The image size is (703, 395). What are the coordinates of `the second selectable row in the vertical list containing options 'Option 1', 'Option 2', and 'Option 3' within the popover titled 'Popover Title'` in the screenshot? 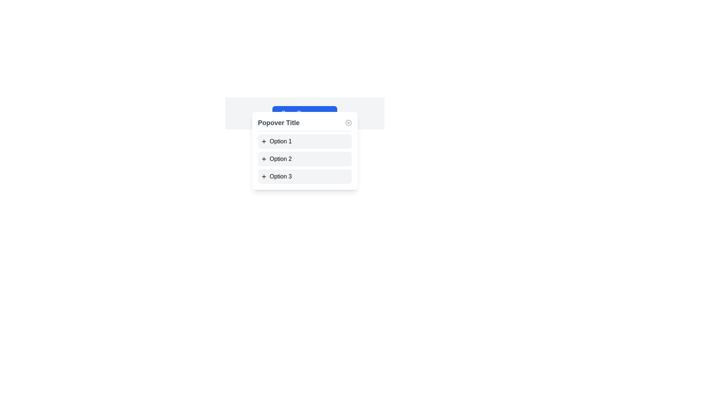 It's located at (305, 159).